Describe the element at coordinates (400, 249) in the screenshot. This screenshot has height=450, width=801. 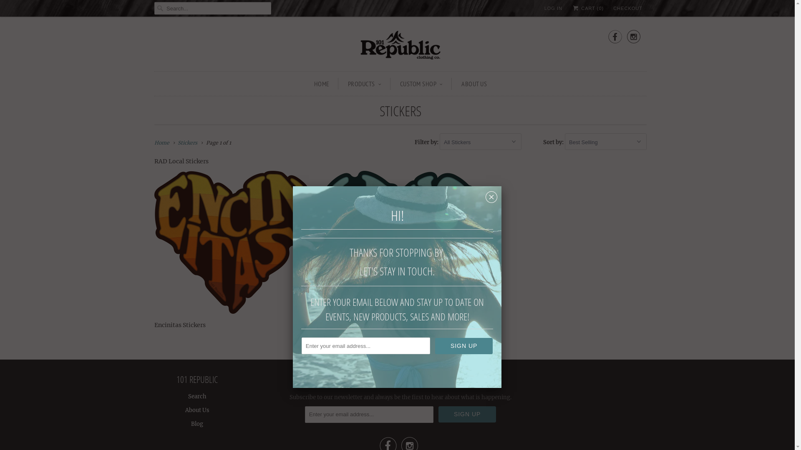
I see `'Leucadia Stickers` at that location.